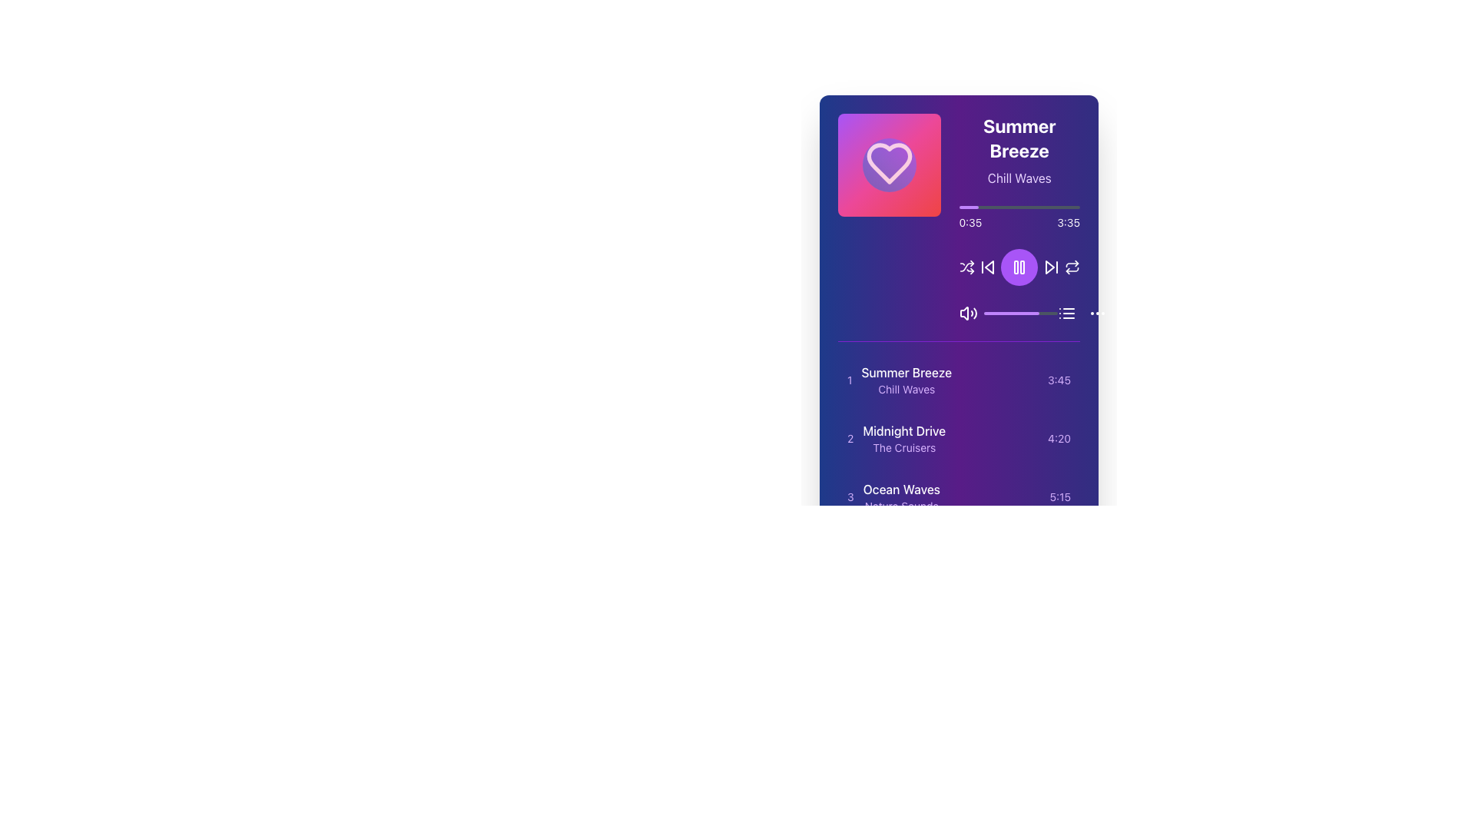  What do you see at coordinates (958, 380) in the screenshot?
I see `to select the first item in the playlist labeled 'Summer Breeze' with the duration '3:45'` at bounding box center [958, 380].